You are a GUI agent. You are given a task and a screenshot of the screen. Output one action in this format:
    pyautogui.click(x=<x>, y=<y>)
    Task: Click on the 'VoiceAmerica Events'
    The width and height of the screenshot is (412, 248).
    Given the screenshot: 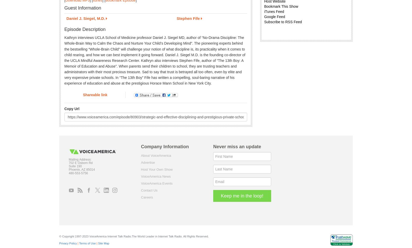 What is the action you would take?
    pyautogui.click(x=157, y=183)
    